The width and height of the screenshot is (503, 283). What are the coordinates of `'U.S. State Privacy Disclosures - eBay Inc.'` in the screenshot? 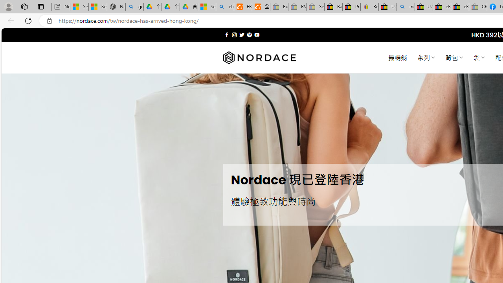 It's located at (423, 7).